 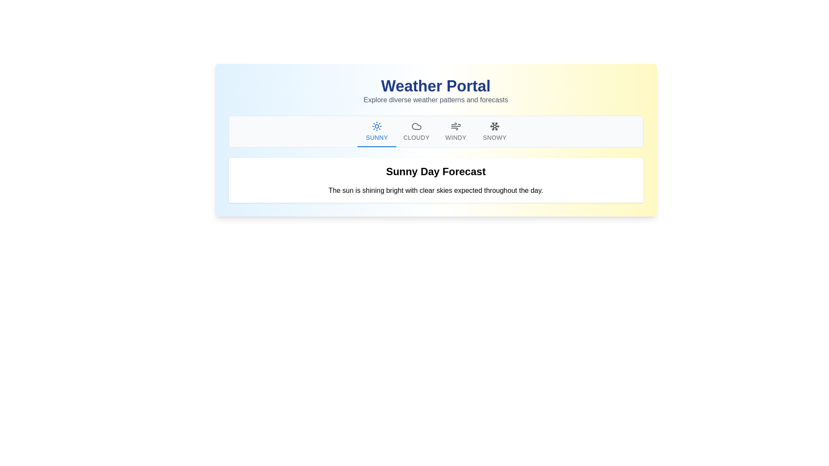 I want to click on the 'Sunny' weather icon in the weather selection menu, which is the first tab on the left under the 'Weather Portal' header, so click(x=377, y=126).